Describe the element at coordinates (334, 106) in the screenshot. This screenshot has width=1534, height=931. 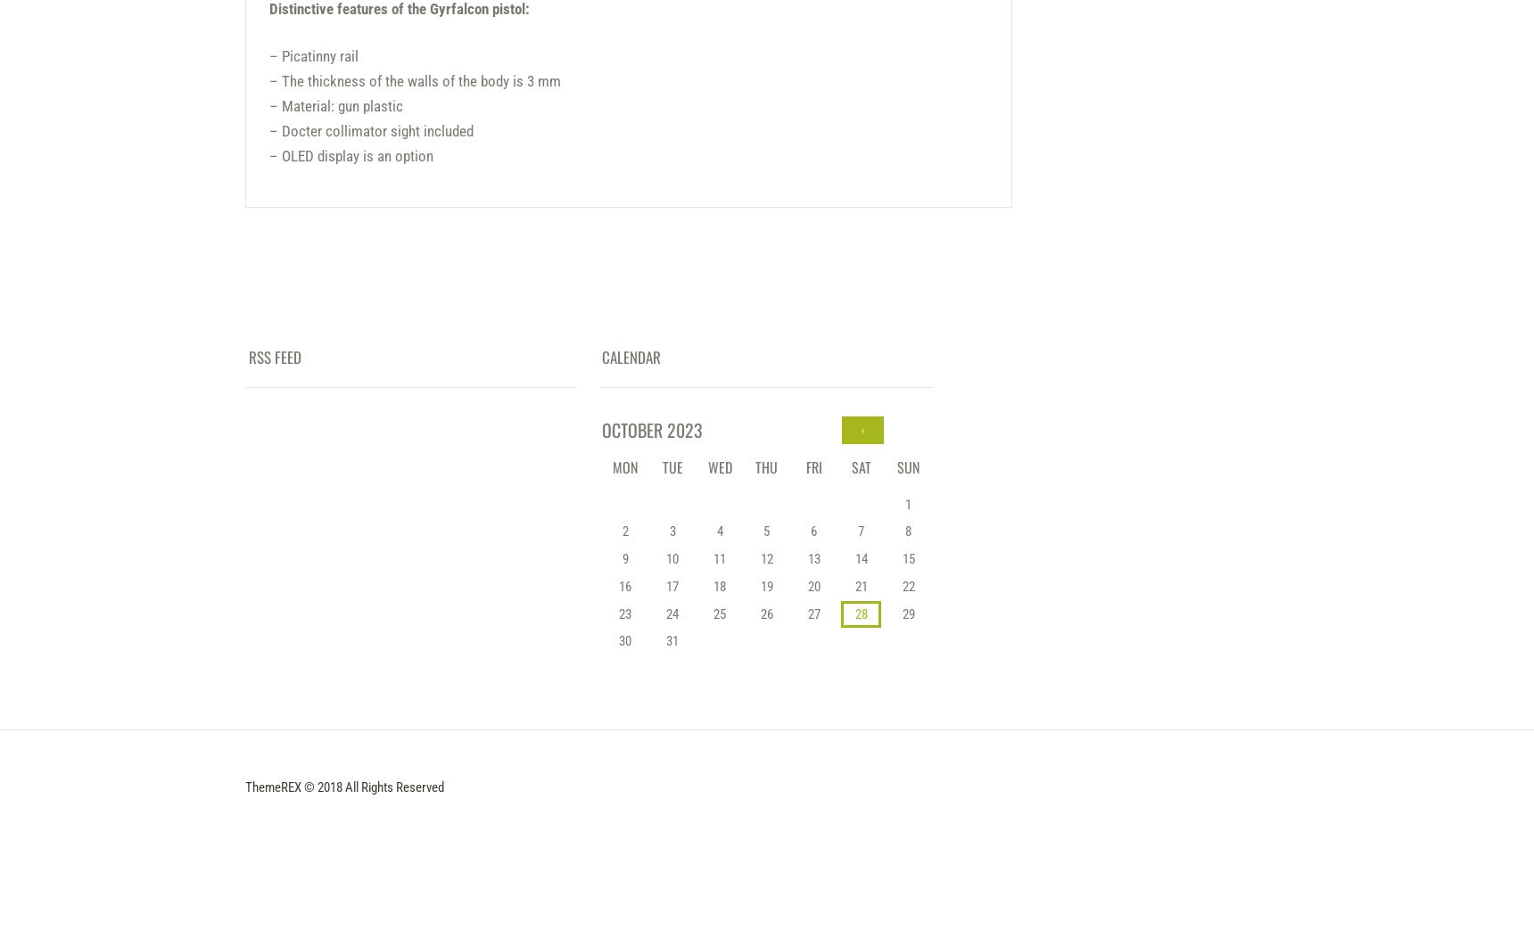
I see `'– Material: gun plastic'` at that location.